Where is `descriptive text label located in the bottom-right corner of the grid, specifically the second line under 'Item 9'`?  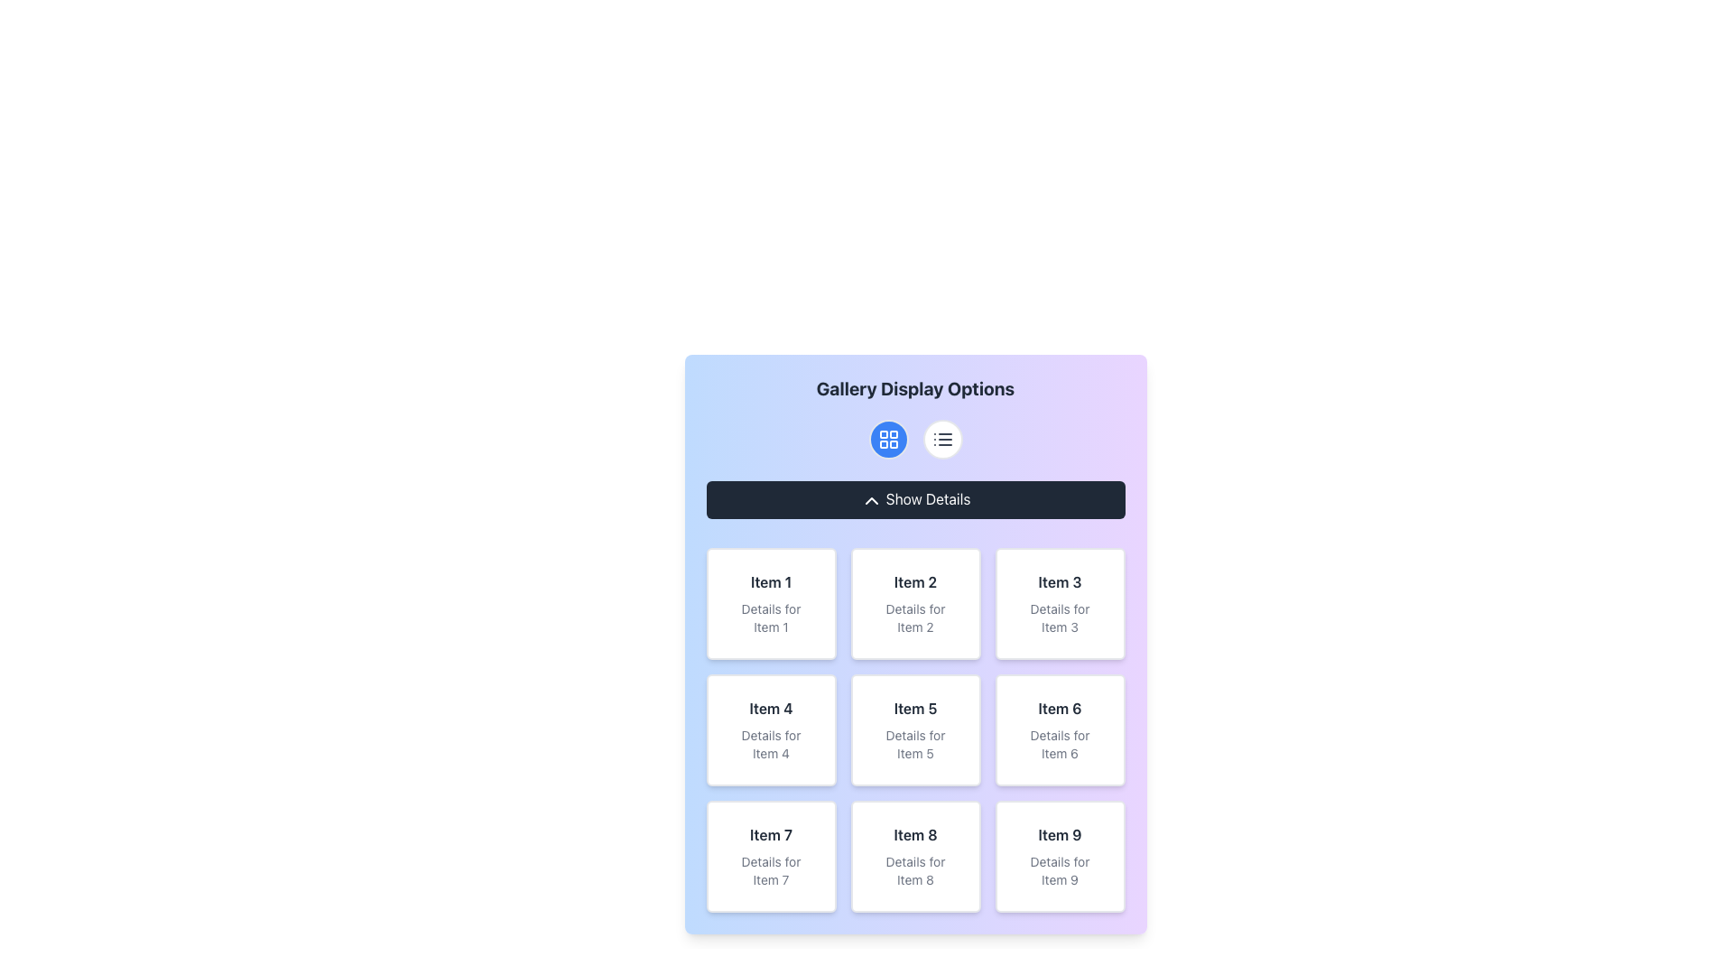
descriptive text label located in the bottom-right corner of the grid, specifically the second line under 'Item 9' is located at coordinates (1060, 869).